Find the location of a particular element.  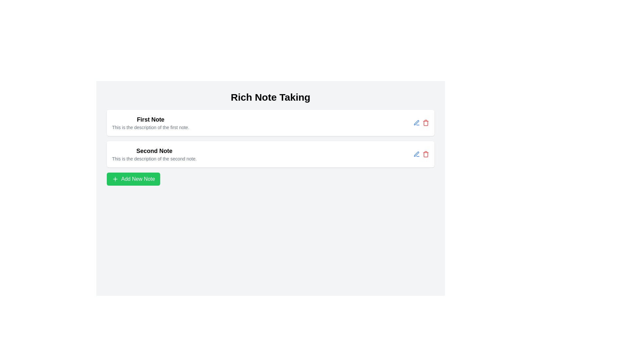

the second note item in the notes list is located at coordinates (154, 154).